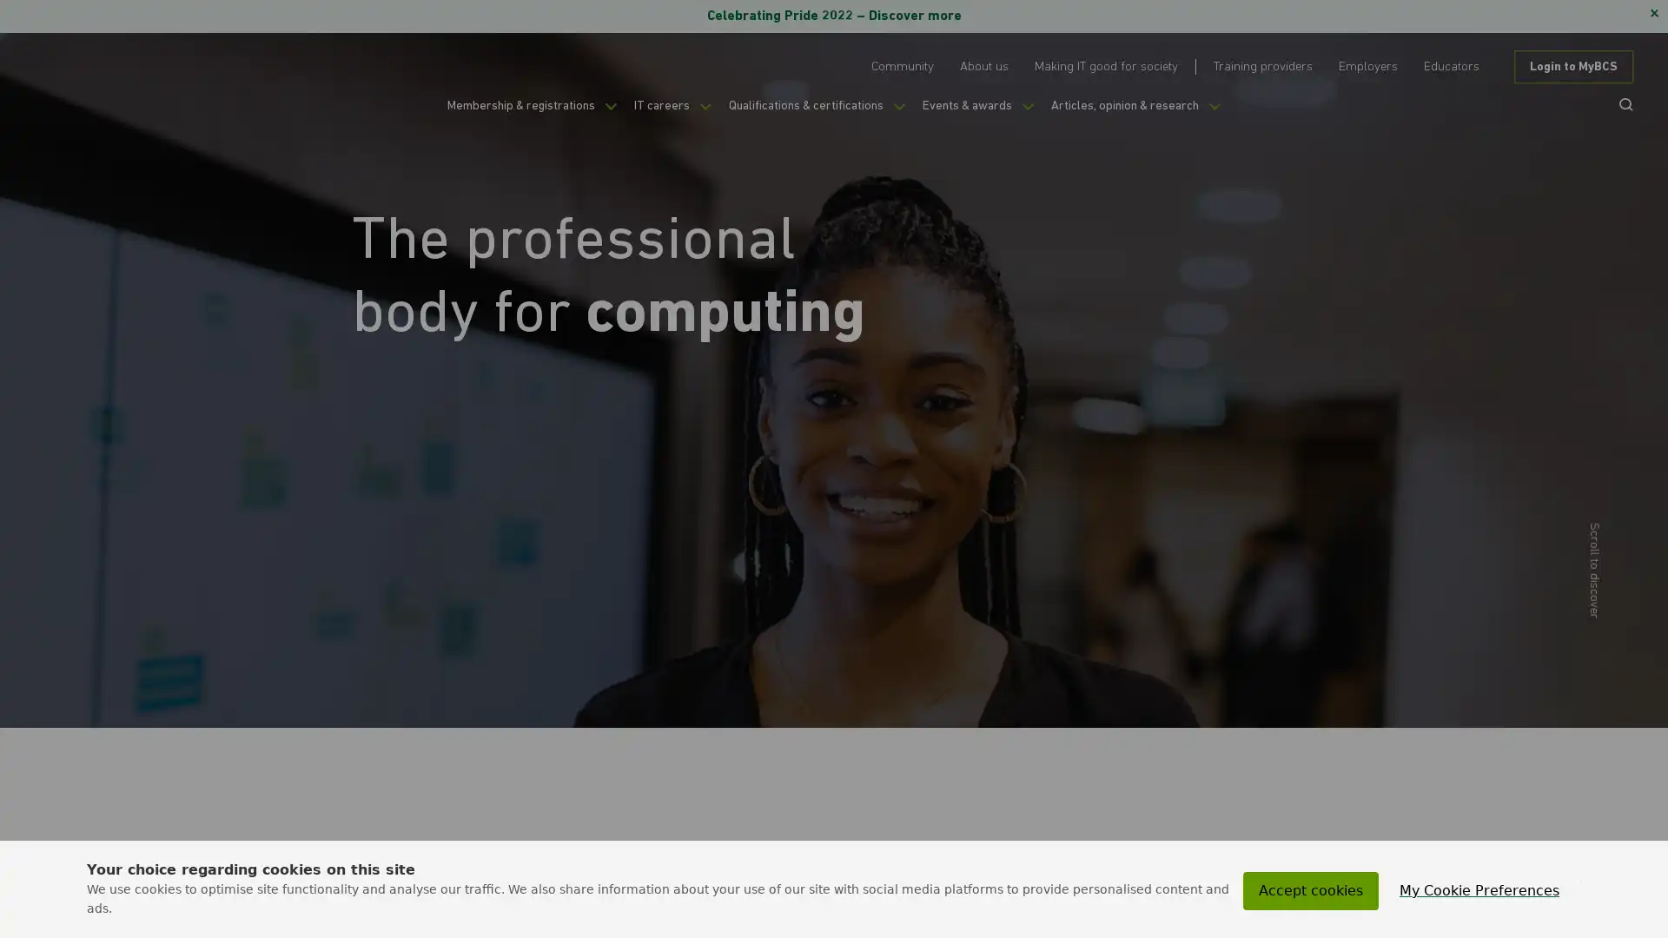  What do you see at coordinates (993, 115) in the screenshot?
I see `Events & awards` at bounding box center [993, 115].